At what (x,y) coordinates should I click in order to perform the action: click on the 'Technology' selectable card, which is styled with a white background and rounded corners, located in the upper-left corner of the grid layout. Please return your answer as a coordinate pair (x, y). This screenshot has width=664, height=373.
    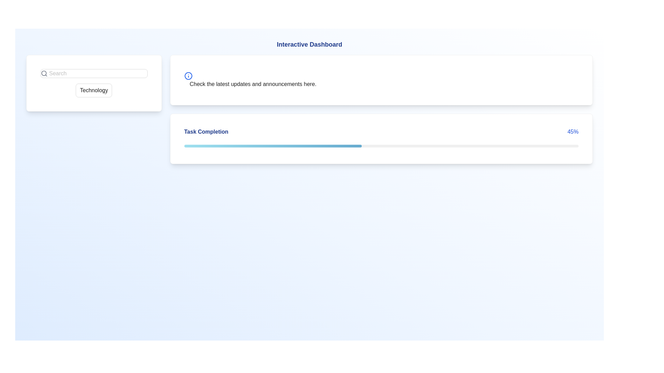
    Looking at the image, I should click on (93, 109).